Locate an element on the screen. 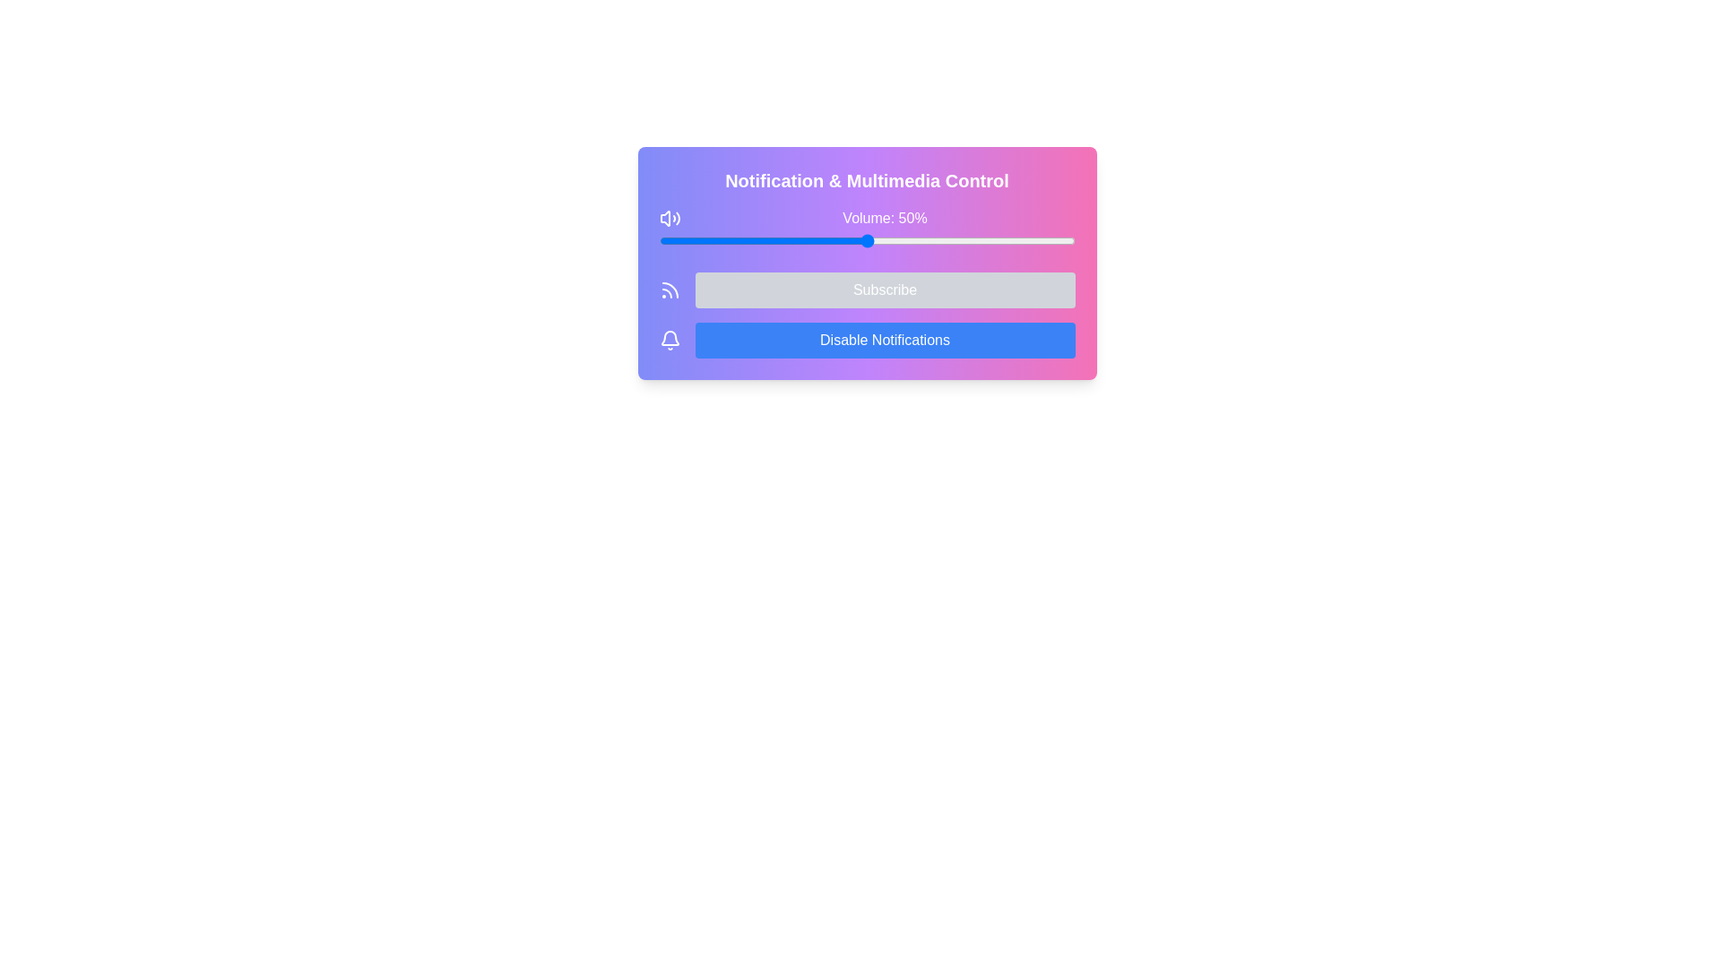 This screenshot has width=1721, height=968. the 'Subscribe' button, which is a rectangular button with a light gray background, rounded edges, and the text 'Subscribe' in white, located within a gradient-colored card layout is located at coordinates (867, 290).